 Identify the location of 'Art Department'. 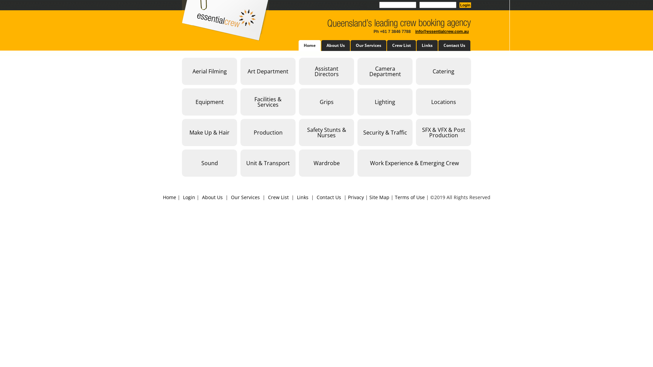
(267, 71).